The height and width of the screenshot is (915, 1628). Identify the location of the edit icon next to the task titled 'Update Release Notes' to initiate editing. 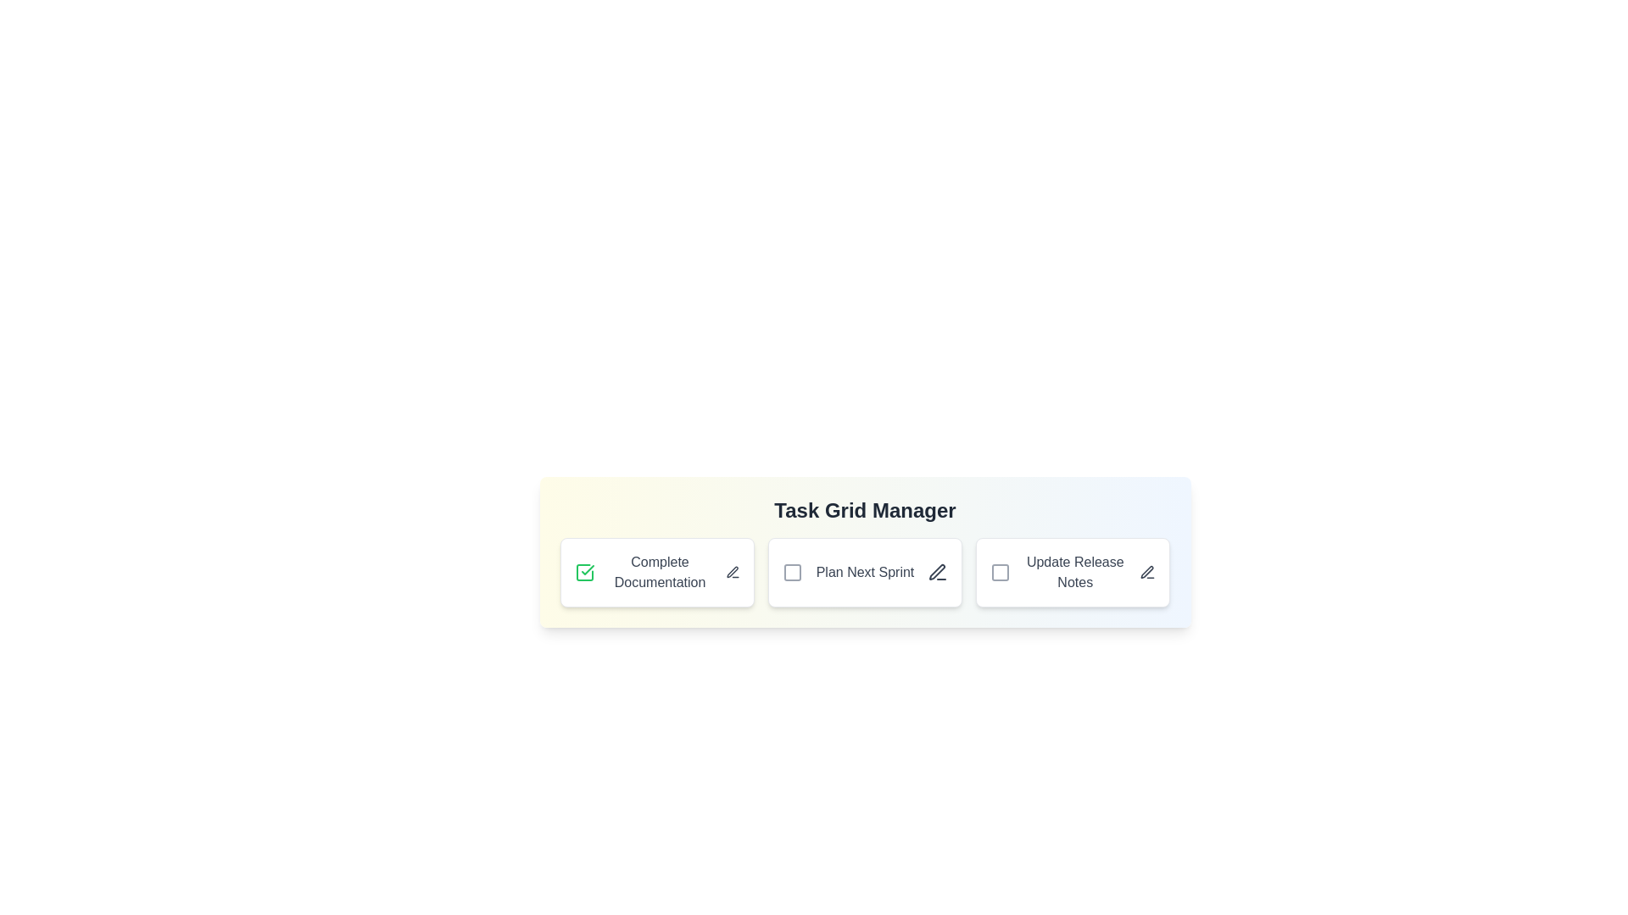
(1147, 572).